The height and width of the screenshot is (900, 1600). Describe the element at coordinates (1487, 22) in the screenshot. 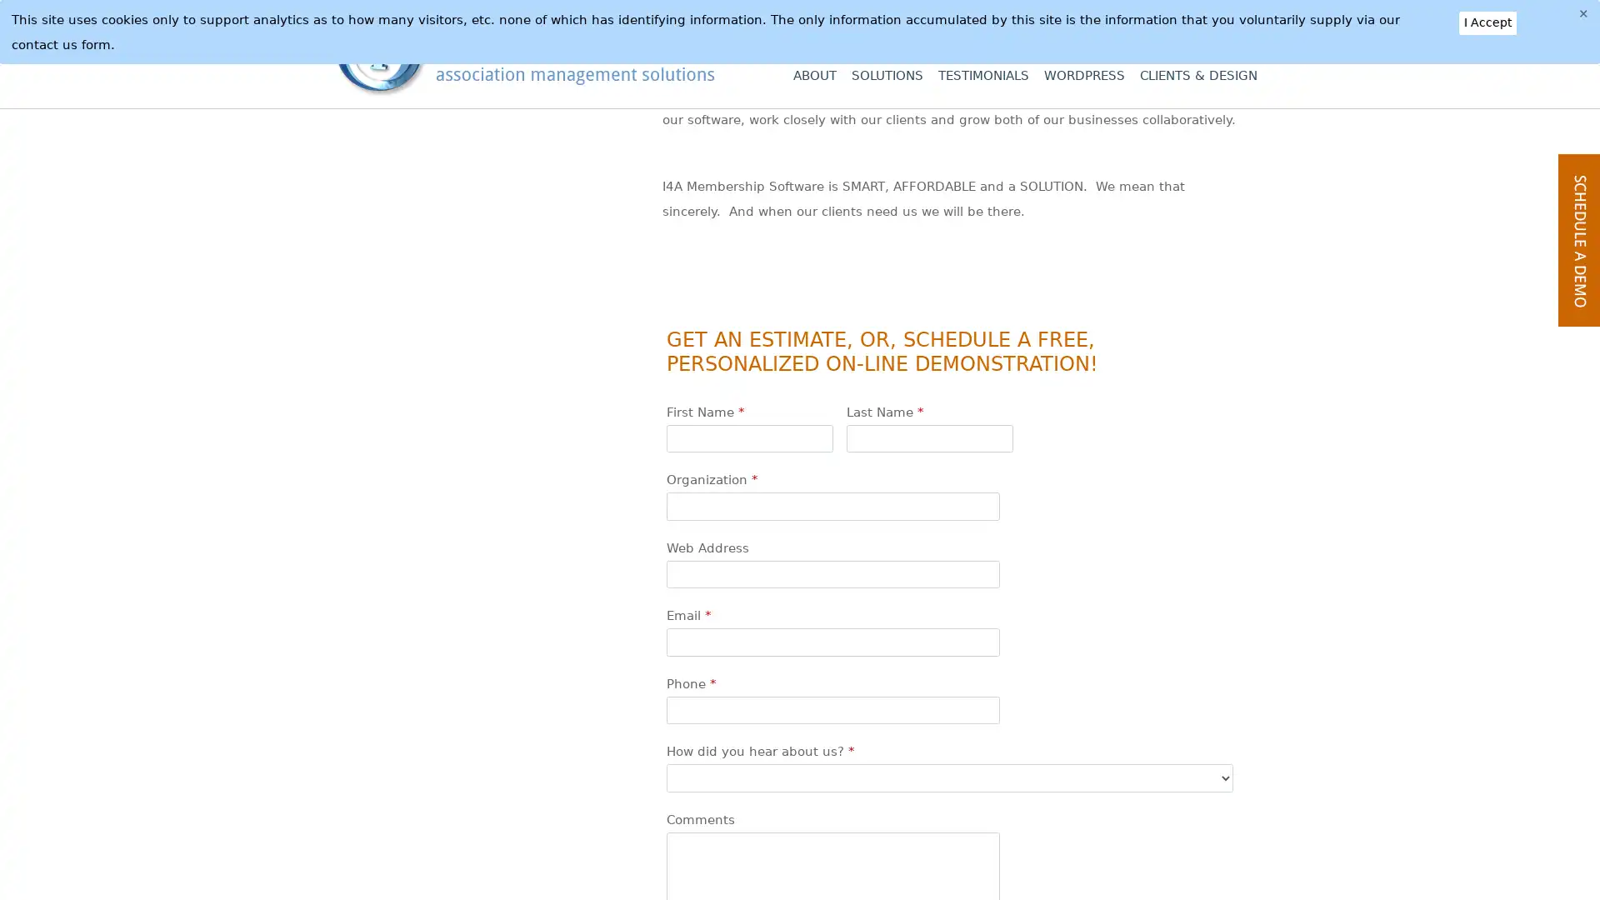

I see `I Accept` at that location.